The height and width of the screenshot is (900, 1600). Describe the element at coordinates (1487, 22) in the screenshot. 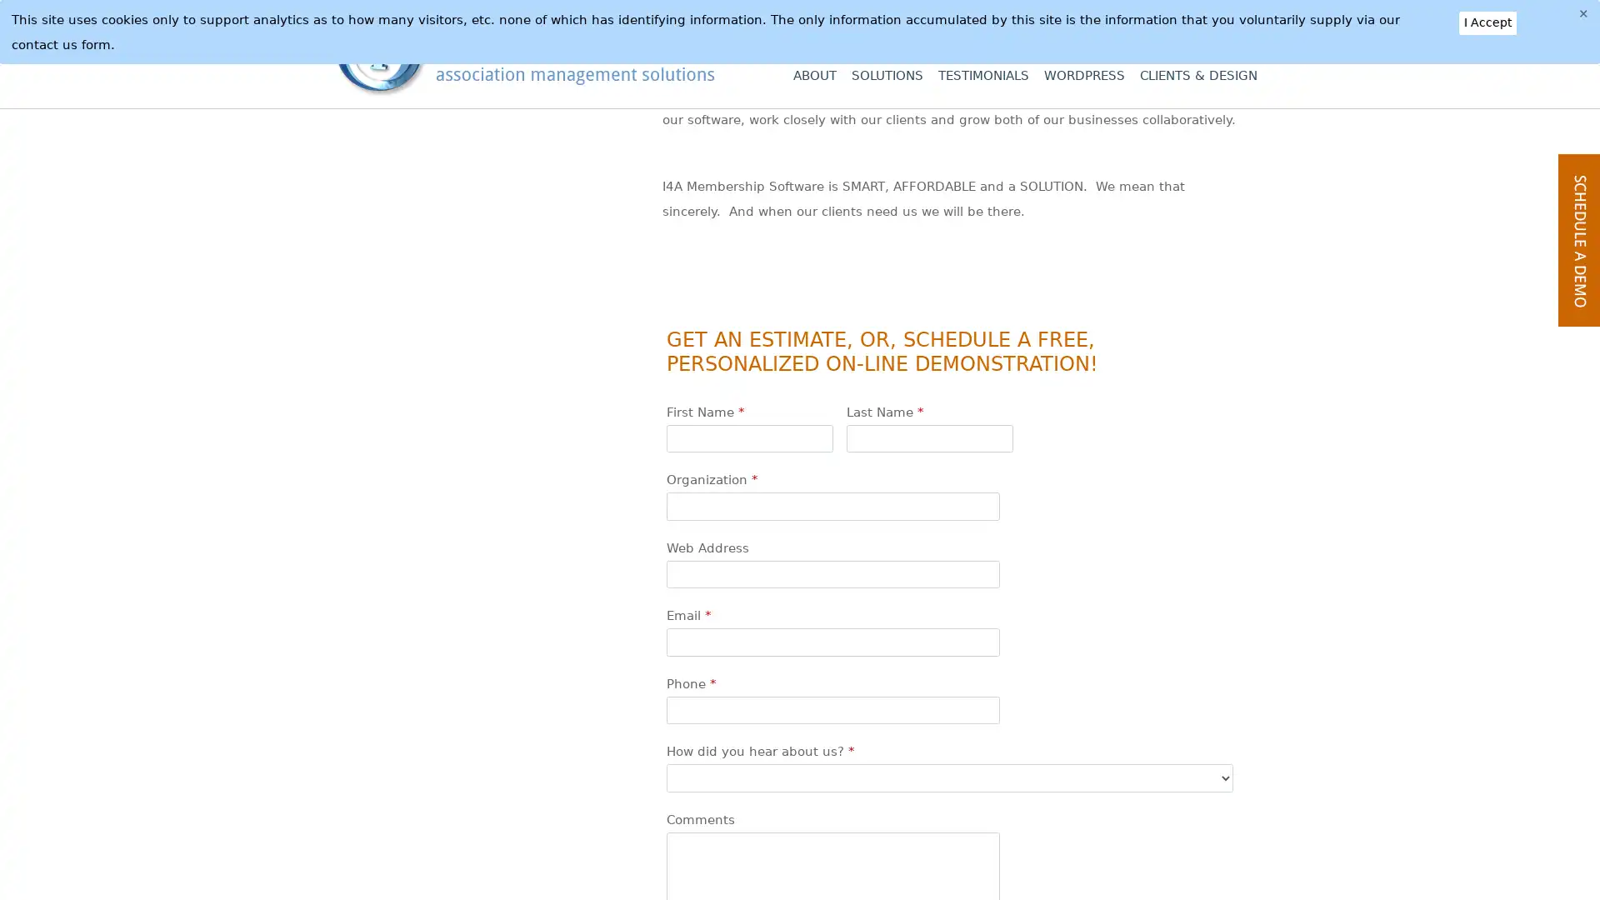

I see `I Accept` at that location.